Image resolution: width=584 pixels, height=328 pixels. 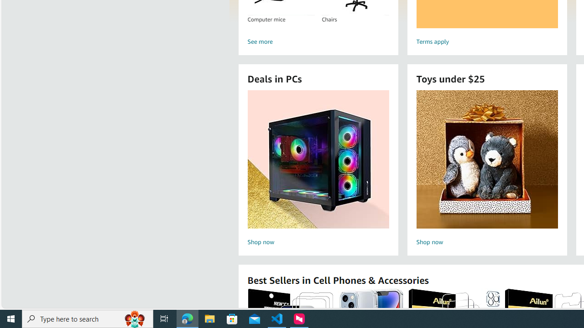 I want to click on 'Toys under $25 Shop now', so click(x=486, y=169).